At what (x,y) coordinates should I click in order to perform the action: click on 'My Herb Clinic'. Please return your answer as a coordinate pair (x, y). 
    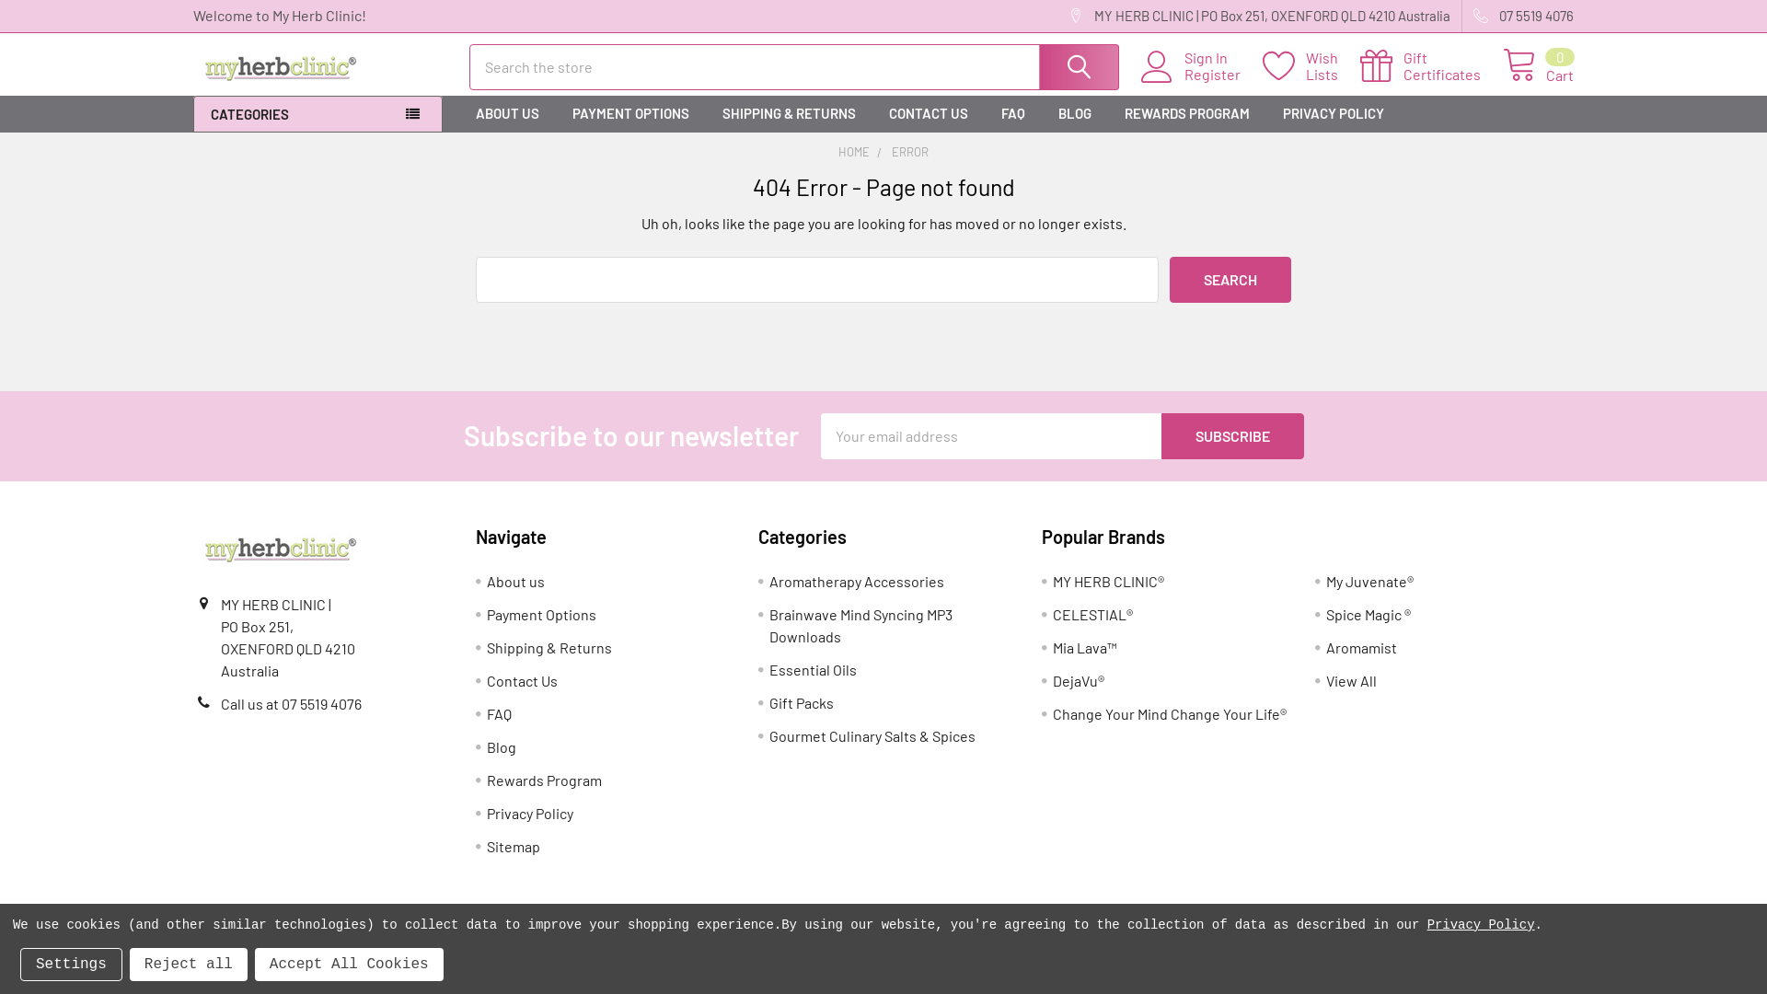
    Looking at the image, I should click on (280, 548).